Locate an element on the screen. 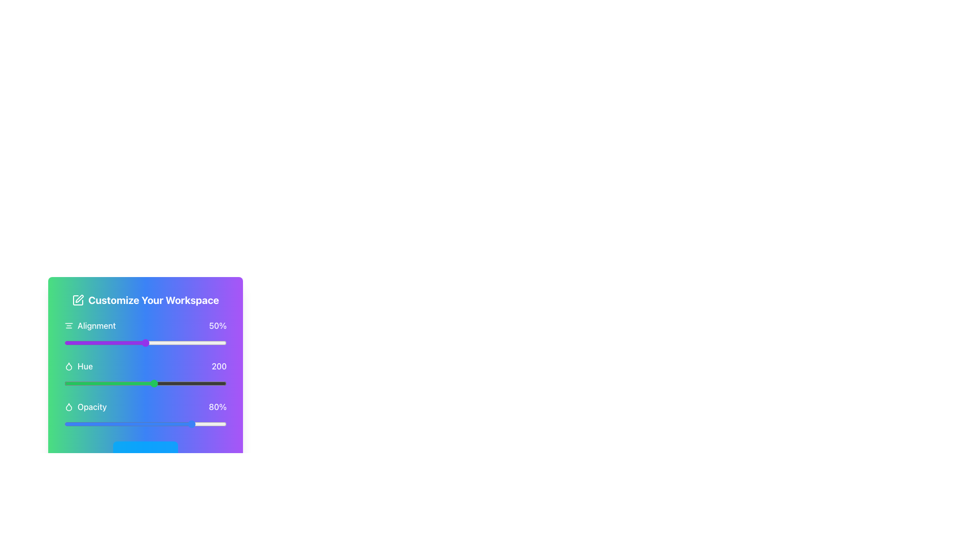 The width and height of the screenshot is (974, 548). the opacity slider is located at coordinates (165, 424).